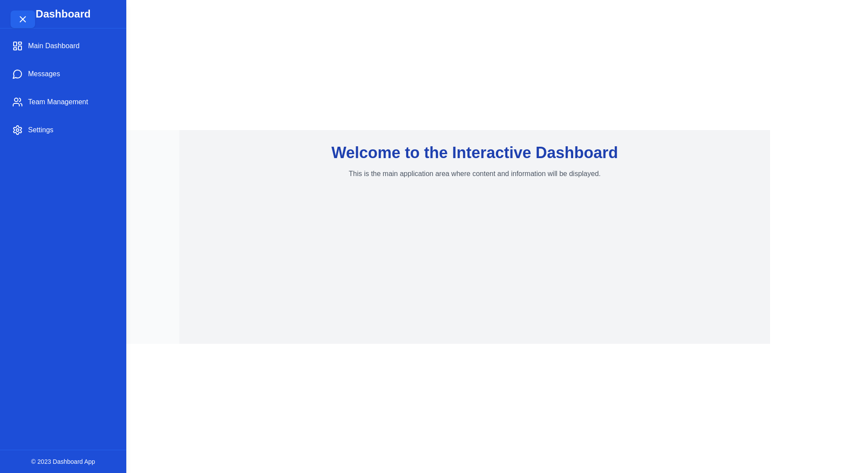 This screenshot has height=473, width=842. What do you see at coordinates (63, 101) in the screenshot?
I see `the 'Team Management' list item in the drawer` at bounding box center [63, 101].